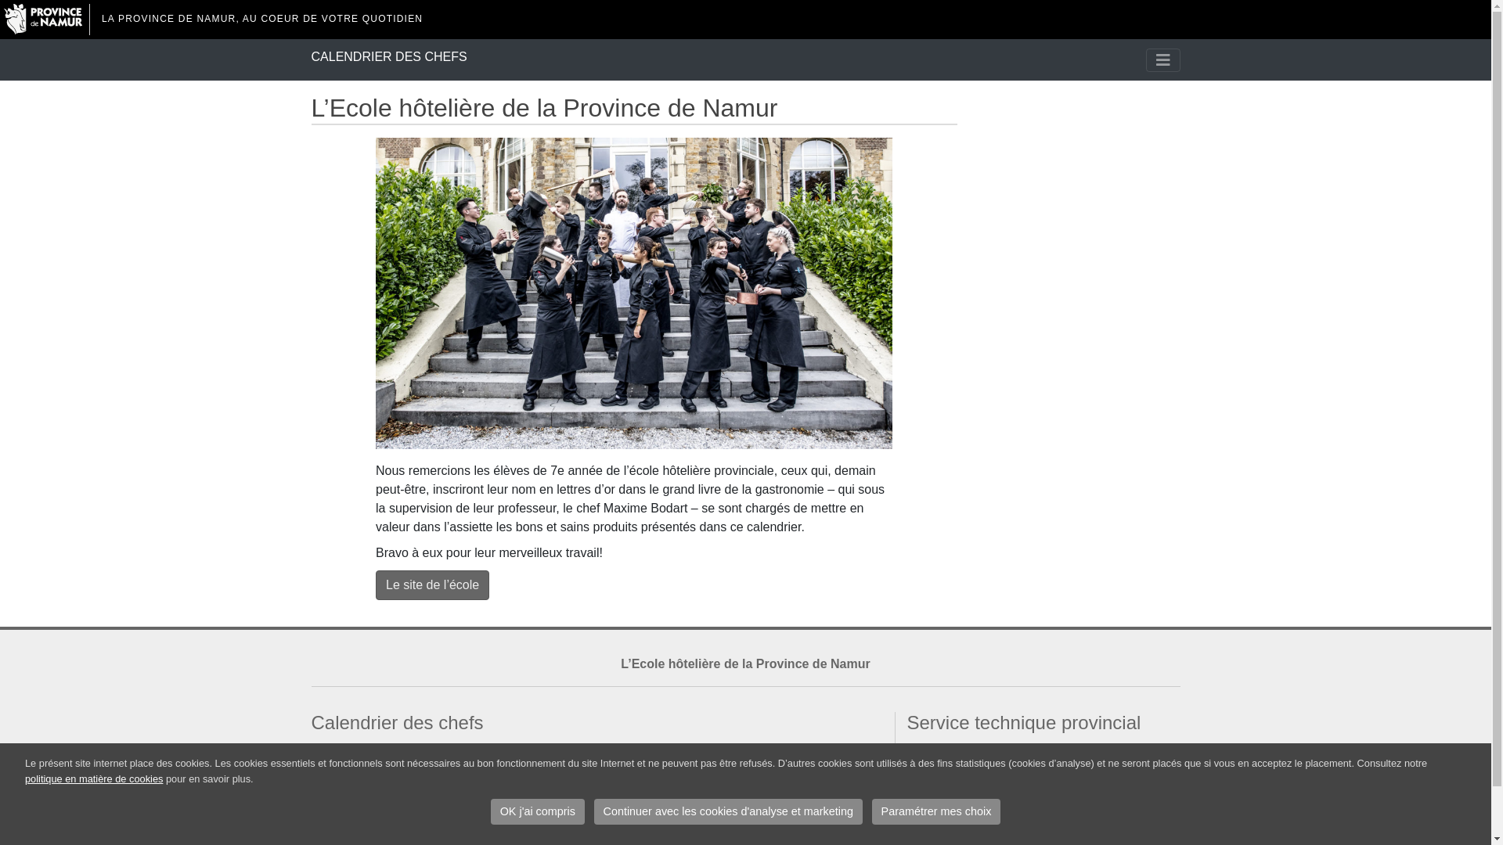 Image resolution: width=1503 pixels, height=845 pixels. I want to click on 'Continuer avec les cookies d'analyse et marketing', so click(728, 811).